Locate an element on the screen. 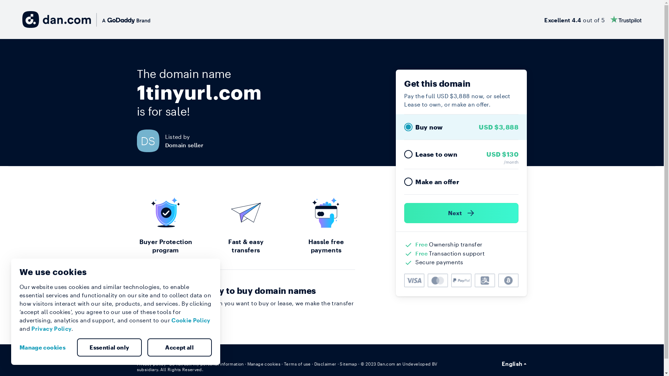 The width and height of the screenshot is (669, 376). 'Disclaimer' is located at coordinates (325, 363).